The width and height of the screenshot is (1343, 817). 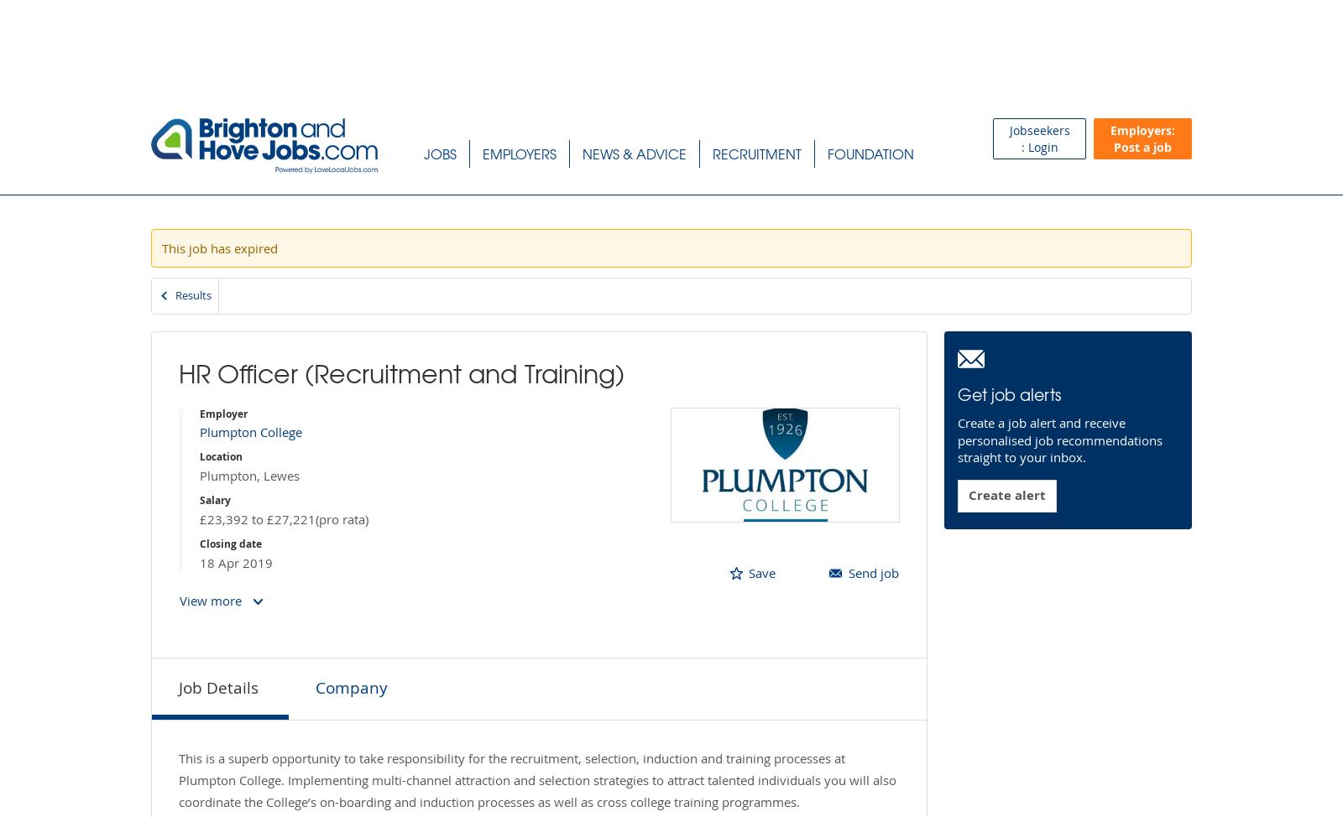 What do you see at coordinates (220, 247) in the screenshot?
I see `'This job has expired'` at bounding box center [220, 247].